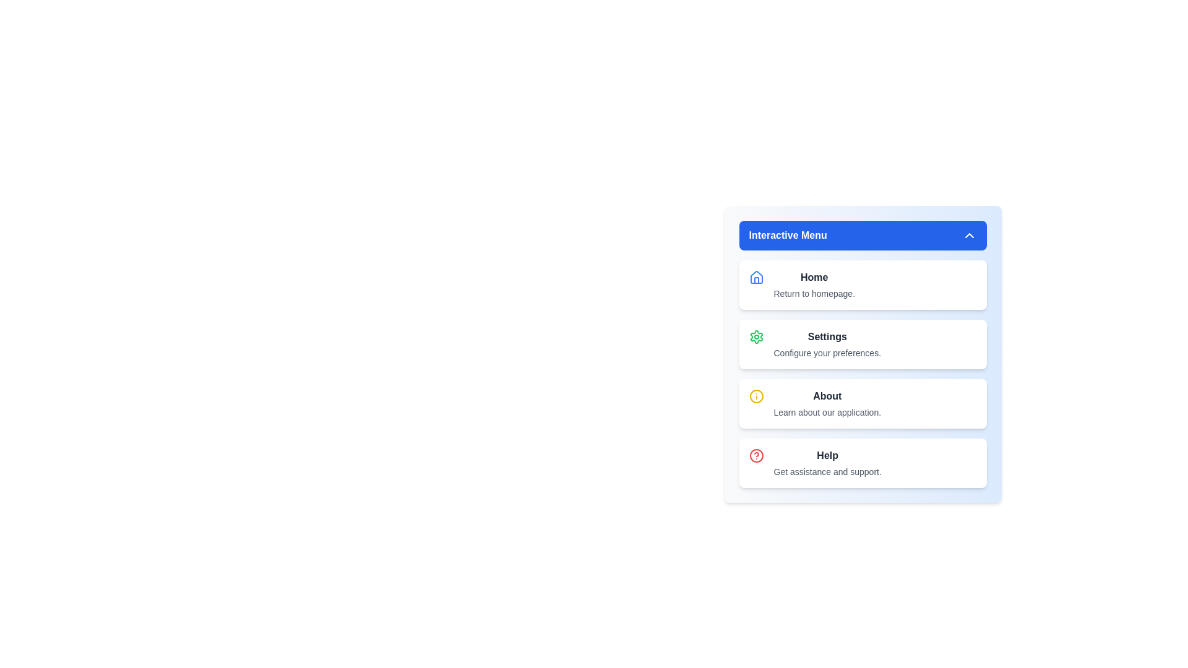 The image size is (1188, 668). I want to click on the 'Help' section title text label located in the bottommost section of the vertical menu list under 'Interactive Menu', just below the 'About' menu option, so click(827, 455).